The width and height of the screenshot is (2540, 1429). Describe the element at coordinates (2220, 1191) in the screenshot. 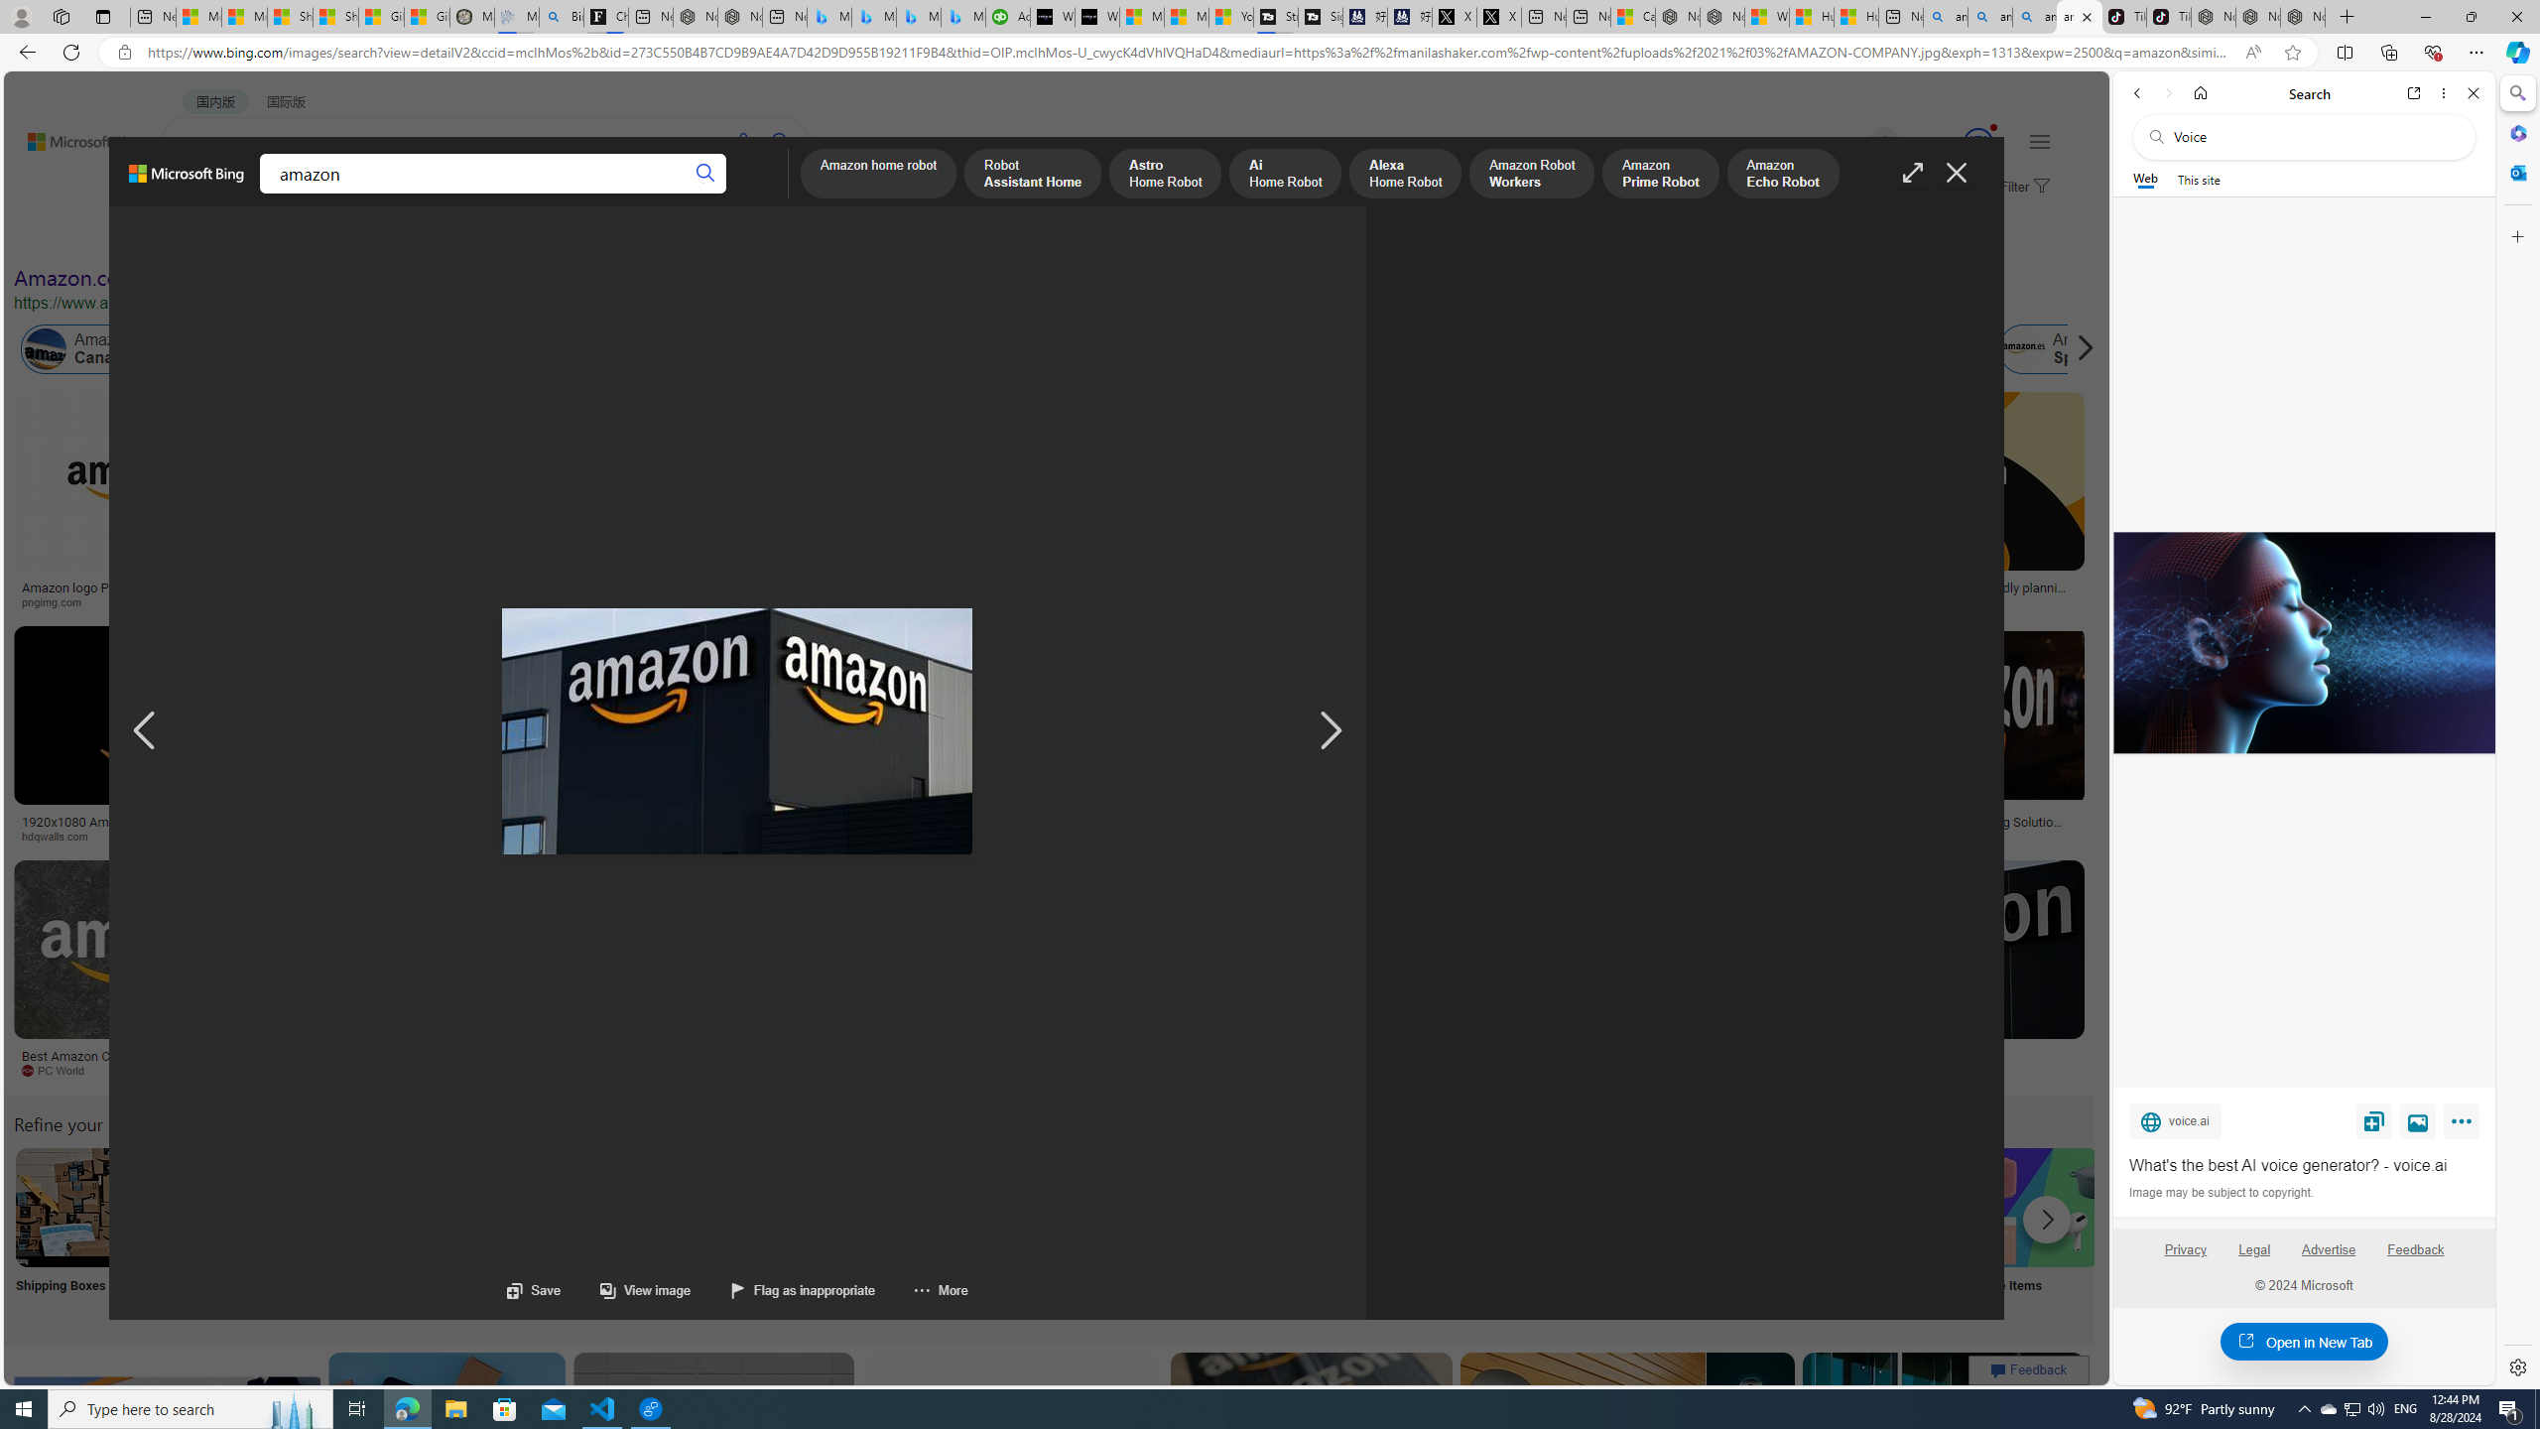

I see `'Image may be subject to copyright.'` at that location.